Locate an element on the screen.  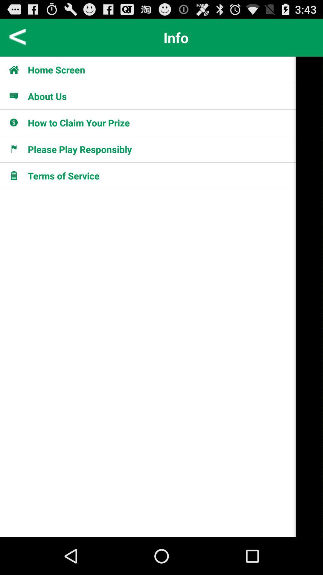
the how to claim app is located at coordinates (78, 122).